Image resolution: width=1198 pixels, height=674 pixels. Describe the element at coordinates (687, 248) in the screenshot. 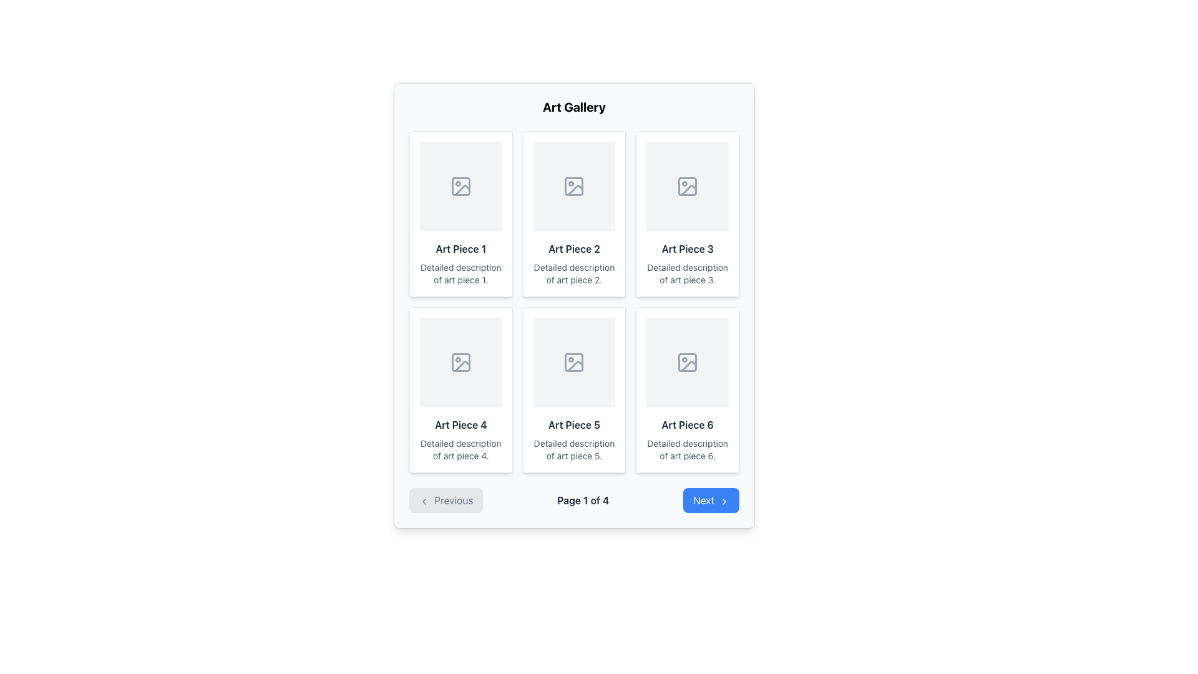

I see `the Text Label that serves as a title or identifier for the associated art piece, located in the third column of a grid layout, centered below an image placeholder and above a description text` at that location.